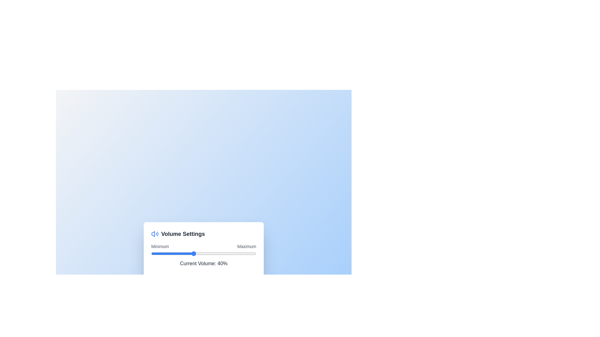  I want to click on the volume slider to 79%, so click(234, 253).